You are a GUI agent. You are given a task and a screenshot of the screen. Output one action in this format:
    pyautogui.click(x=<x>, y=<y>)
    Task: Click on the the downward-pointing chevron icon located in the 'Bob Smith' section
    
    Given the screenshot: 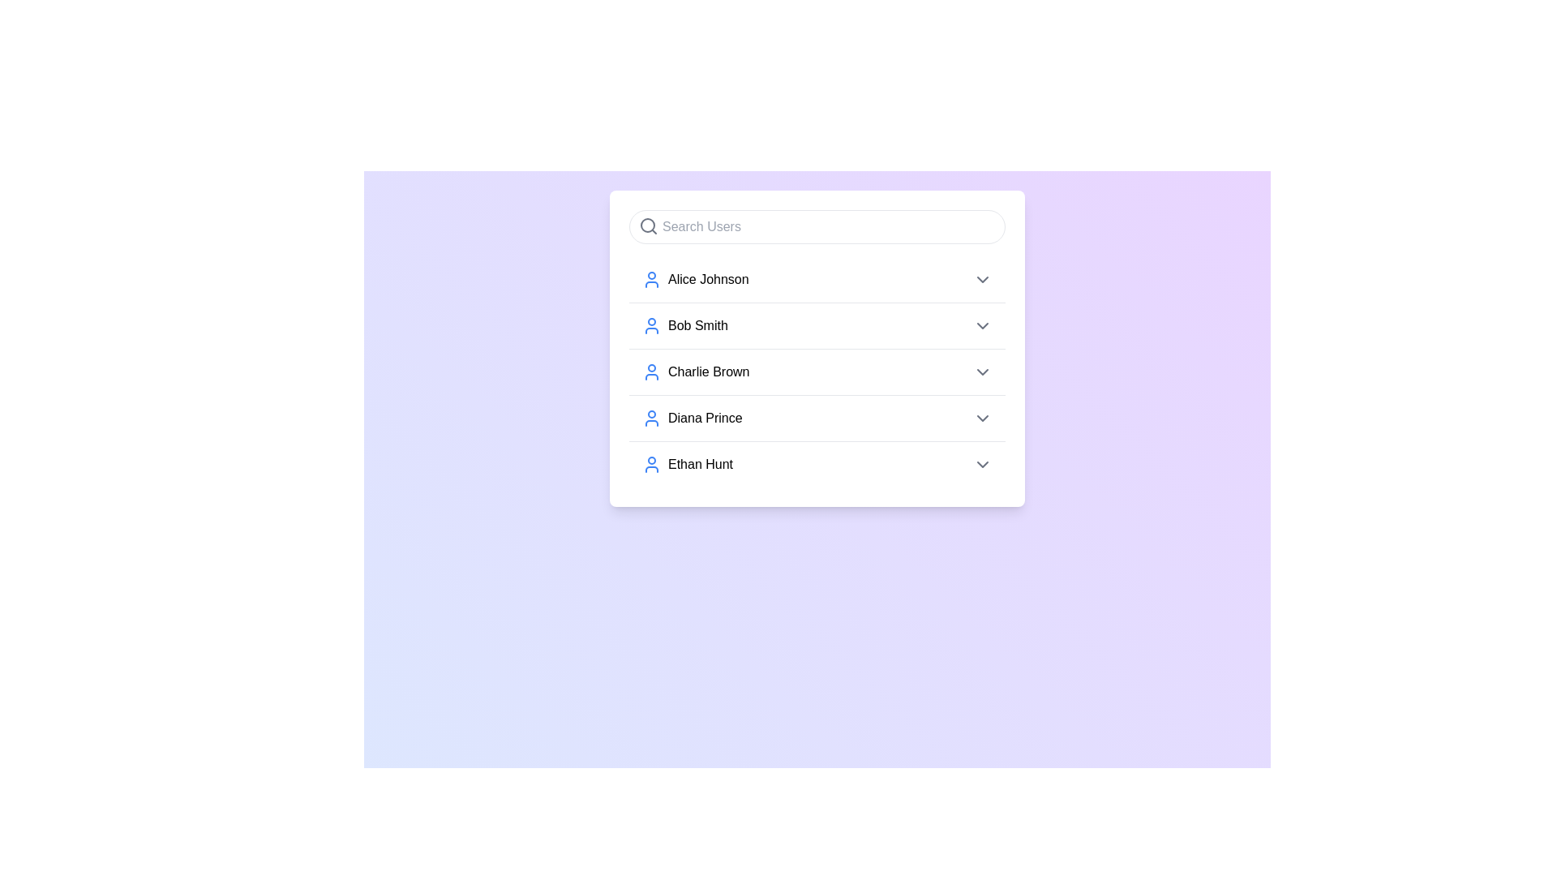 What is the action you would take?
    pyautogui.click(x=981, y=325)
    